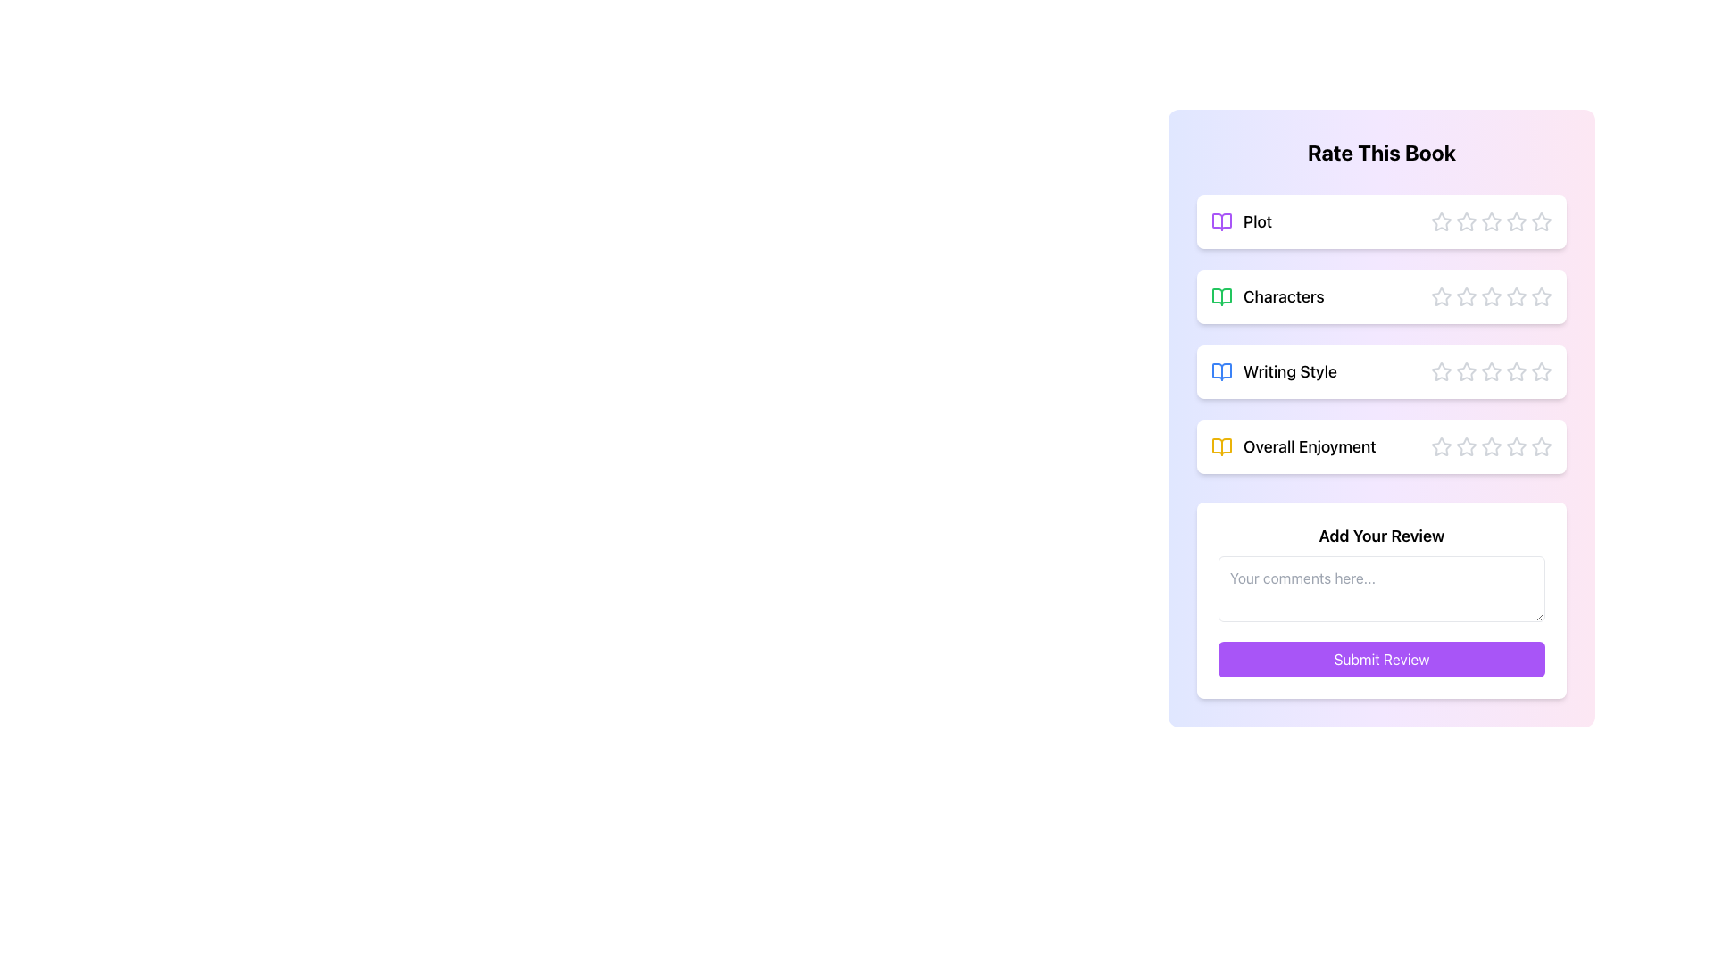 The image size is (1714, 964). What do you see at coordinates (1220, 446) in the screenshot?
I see `the icon representing the 'Overall Enjoyment' category, located in the fourth rating section, to visually highlight it` at bounding box center [1220, 446].